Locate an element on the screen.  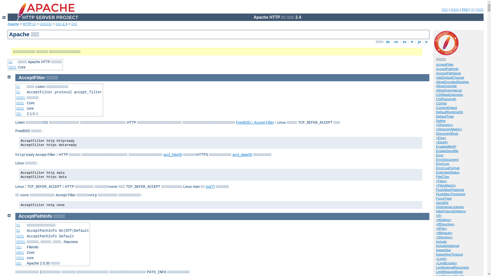
'LimitInternalRecursion' is located at coordinates (436, 267).